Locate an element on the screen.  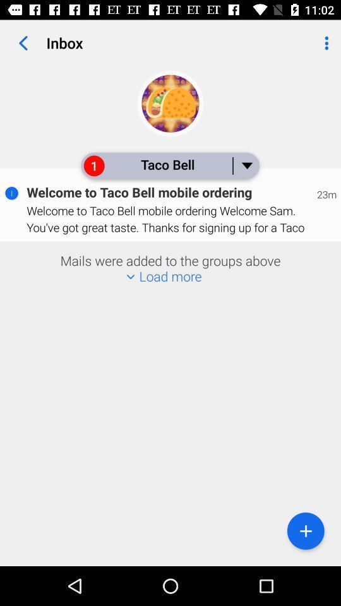
item to the left of the inbox item is located at coordinates (23, 43).